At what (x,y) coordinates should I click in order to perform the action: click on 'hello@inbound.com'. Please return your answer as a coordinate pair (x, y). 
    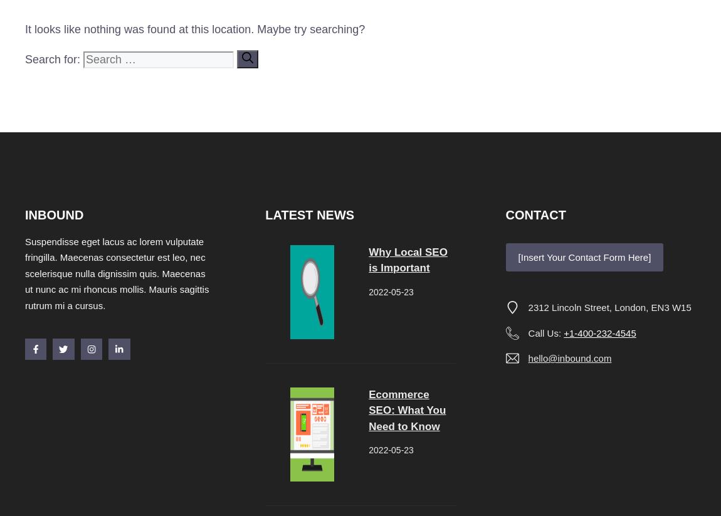
    Looking at the image, I should click on (569, 358).